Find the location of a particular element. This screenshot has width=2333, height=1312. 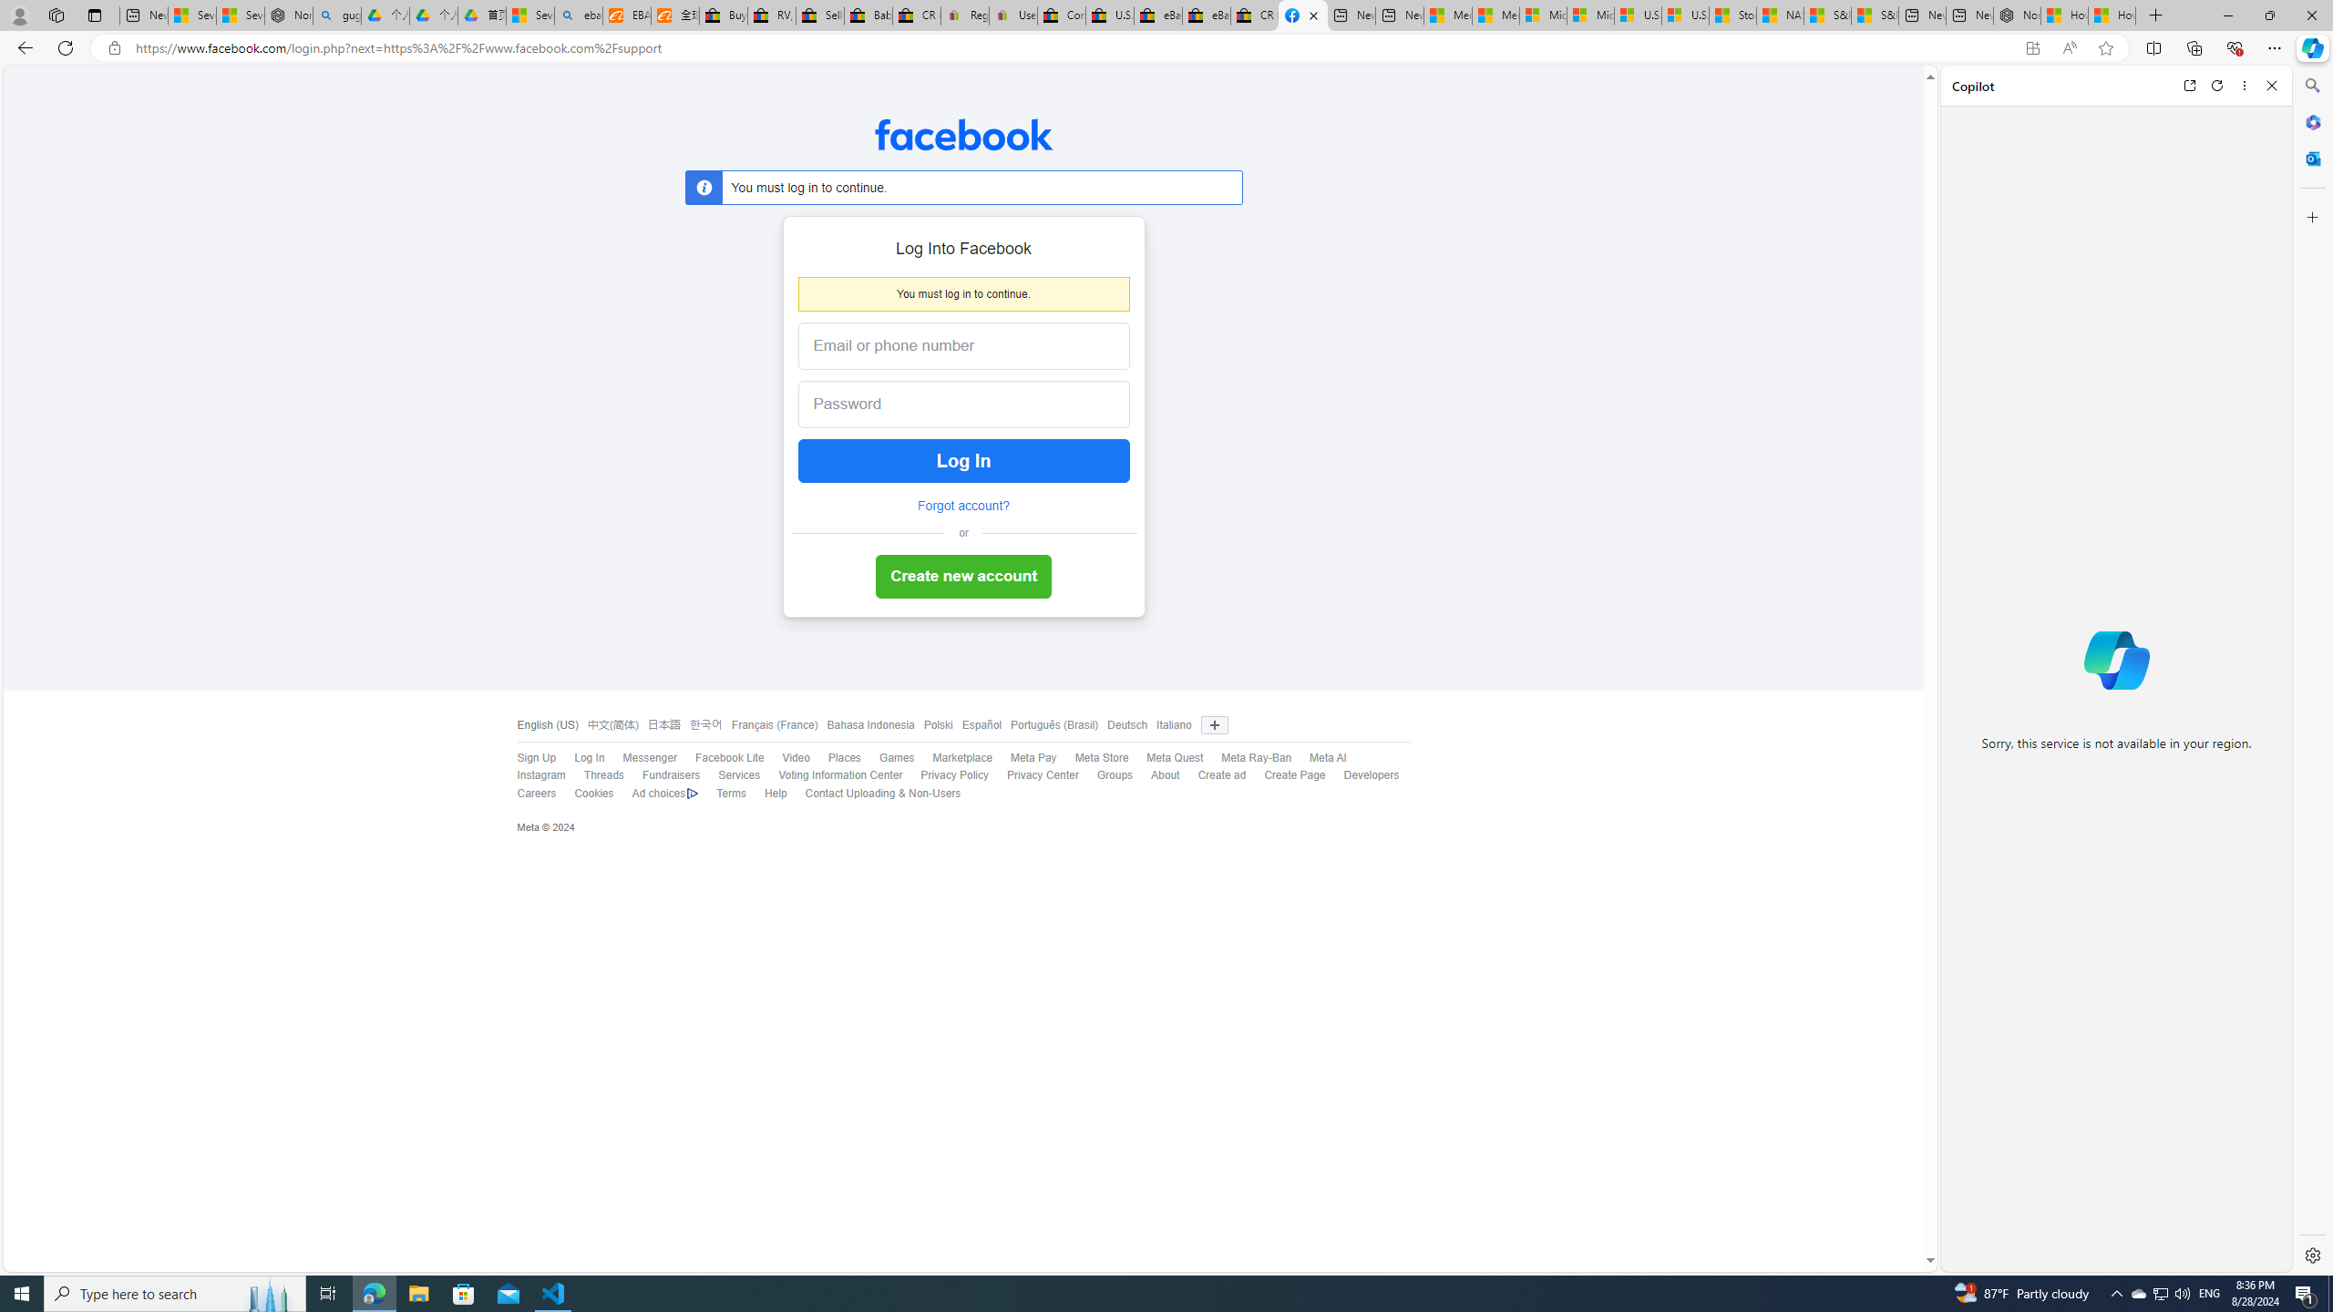

'Privacy Center' is located at coordinates (1043, 774).